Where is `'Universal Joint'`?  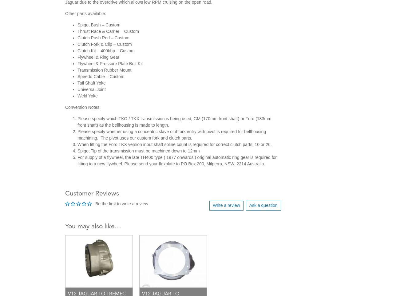 'Universal Joint' is located at coordinates (91, 89).